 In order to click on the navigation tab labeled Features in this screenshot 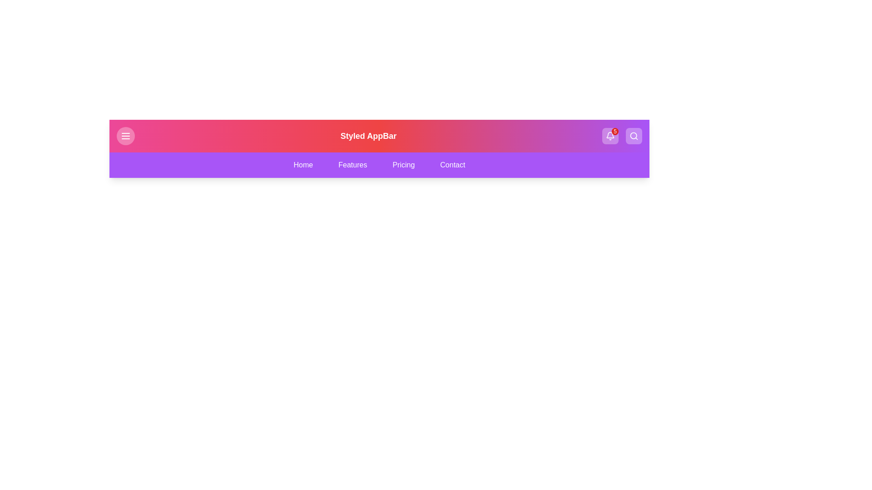, I will do `click(352, 165)`.